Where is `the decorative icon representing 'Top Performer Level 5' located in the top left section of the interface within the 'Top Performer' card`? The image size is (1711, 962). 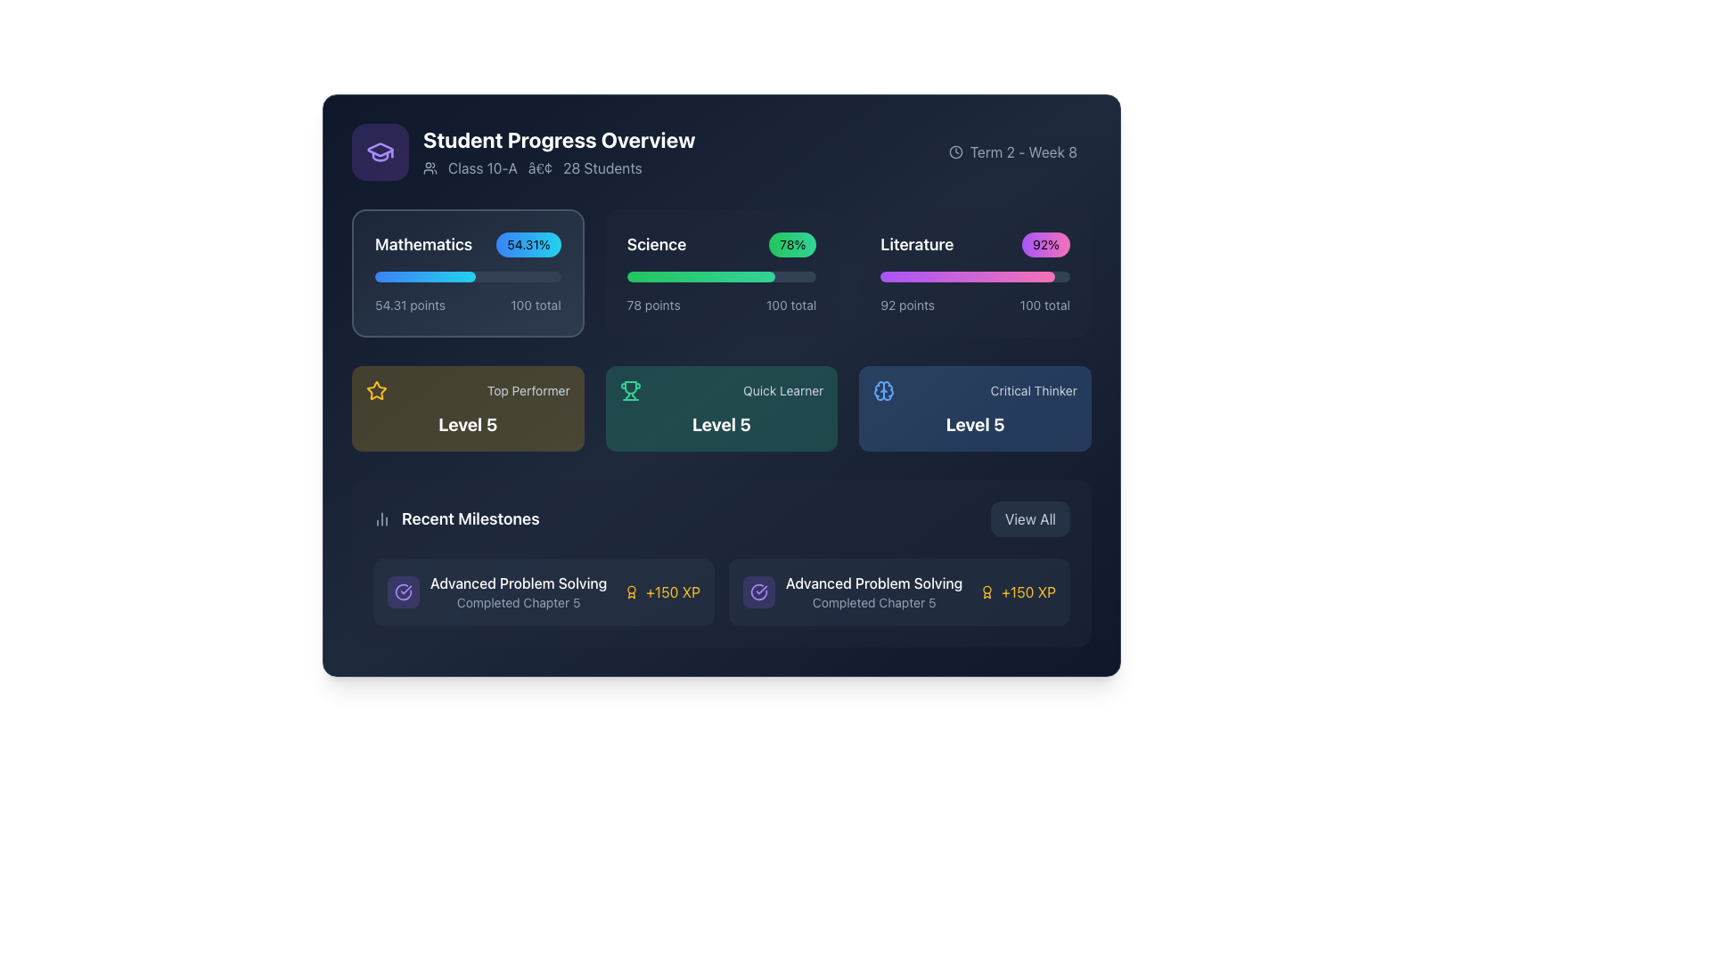
the decorative icon representing 'Top Performer Level 5' located in the top left section of the interface within the 'Top Performer' card is located at coordinates (375, 389).